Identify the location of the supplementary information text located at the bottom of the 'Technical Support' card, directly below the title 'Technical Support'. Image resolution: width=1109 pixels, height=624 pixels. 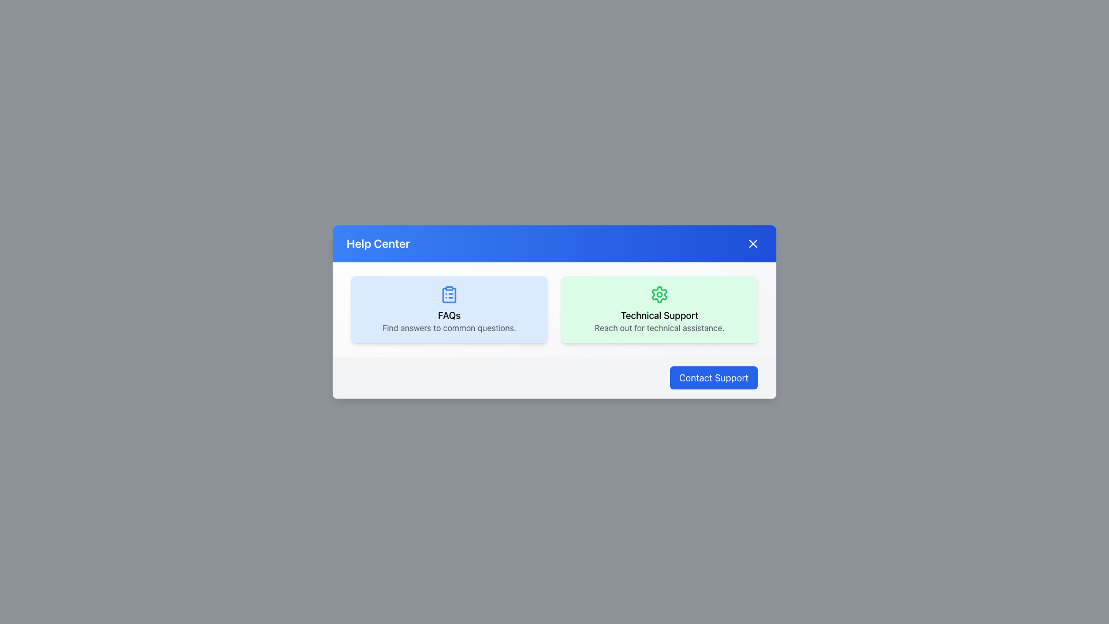
(660, 328).